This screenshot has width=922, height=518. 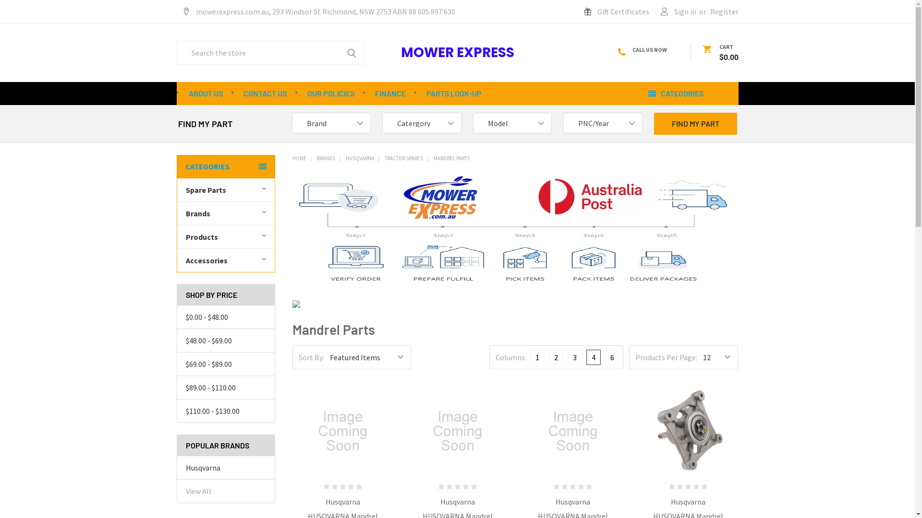 What do you see at coordinates (225, 387) in the screenshot?
I see `'$89.00 - $110.00'` at bounding box center [225, 387].